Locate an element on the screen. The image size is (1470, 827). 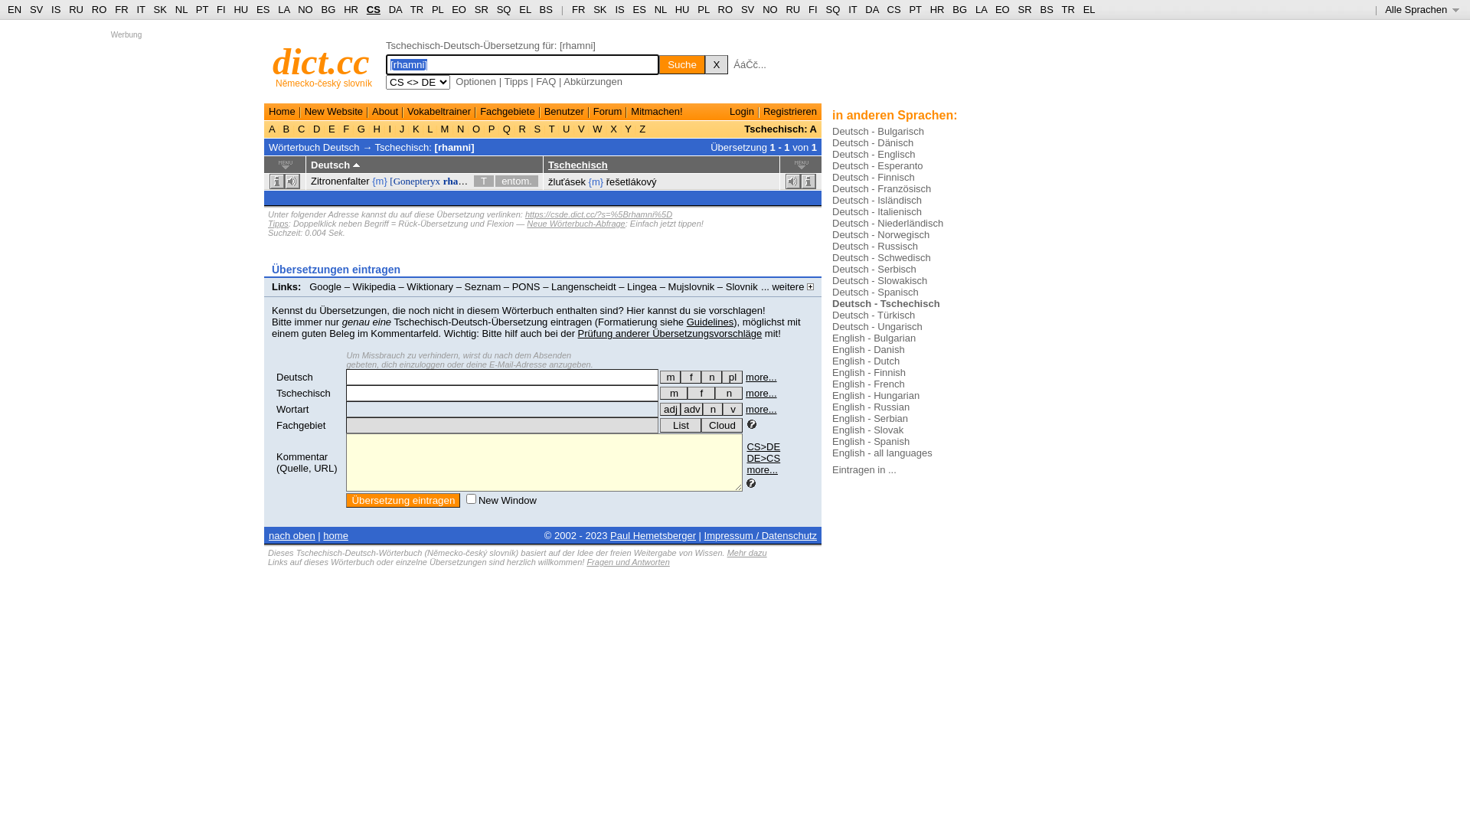
'SR' is located at coordinates (1025, 9).